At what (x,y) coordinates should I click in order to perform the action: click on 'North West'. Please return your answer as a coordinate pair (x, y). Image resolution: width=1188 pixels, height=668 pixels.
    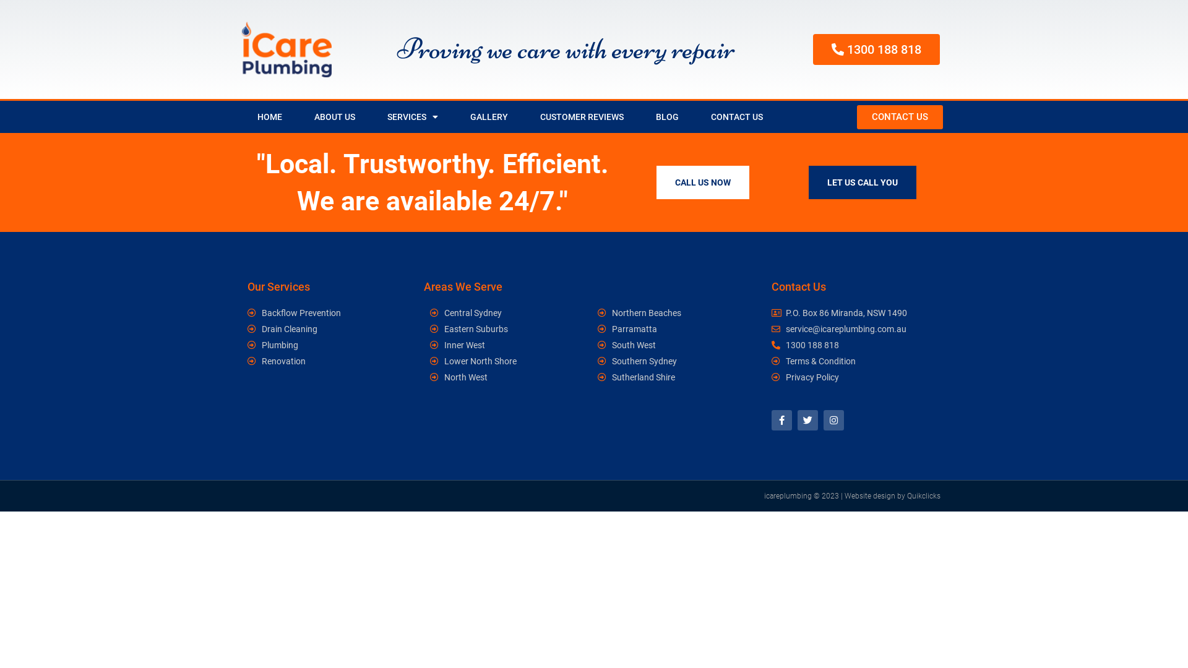
    Looking at the image, I should click on (507, 376).